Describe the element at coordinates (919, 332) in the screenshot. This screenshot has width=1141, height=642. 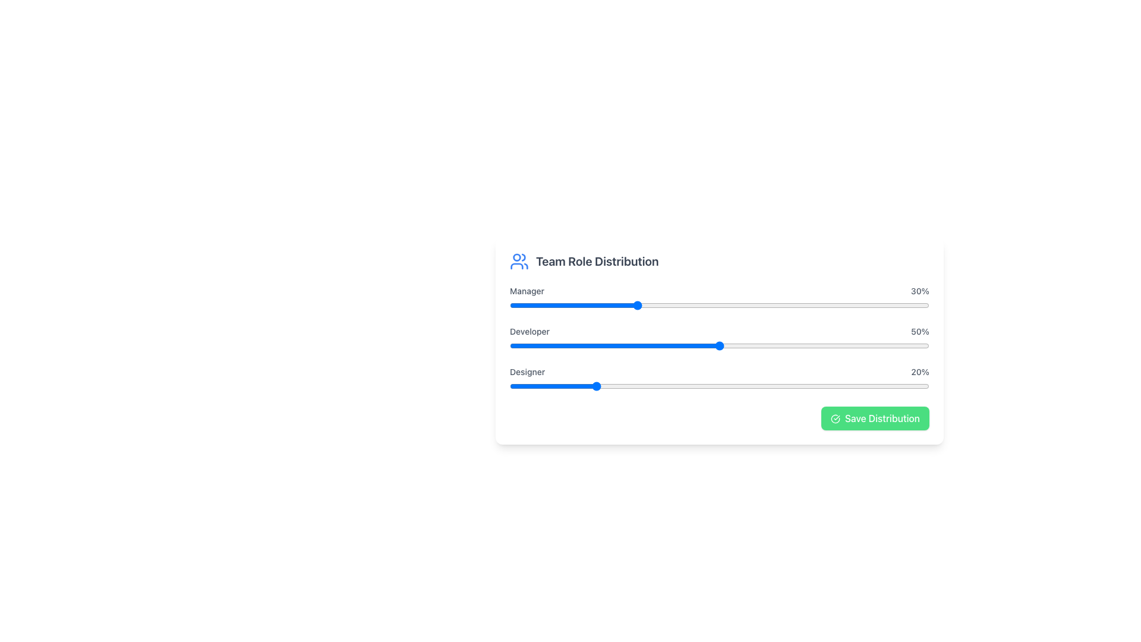
I see `the static text label '50%' which is displayed in a small, gray font to the right of the 'Developer' slider in the 'Team Role Distribution' component` at that location.